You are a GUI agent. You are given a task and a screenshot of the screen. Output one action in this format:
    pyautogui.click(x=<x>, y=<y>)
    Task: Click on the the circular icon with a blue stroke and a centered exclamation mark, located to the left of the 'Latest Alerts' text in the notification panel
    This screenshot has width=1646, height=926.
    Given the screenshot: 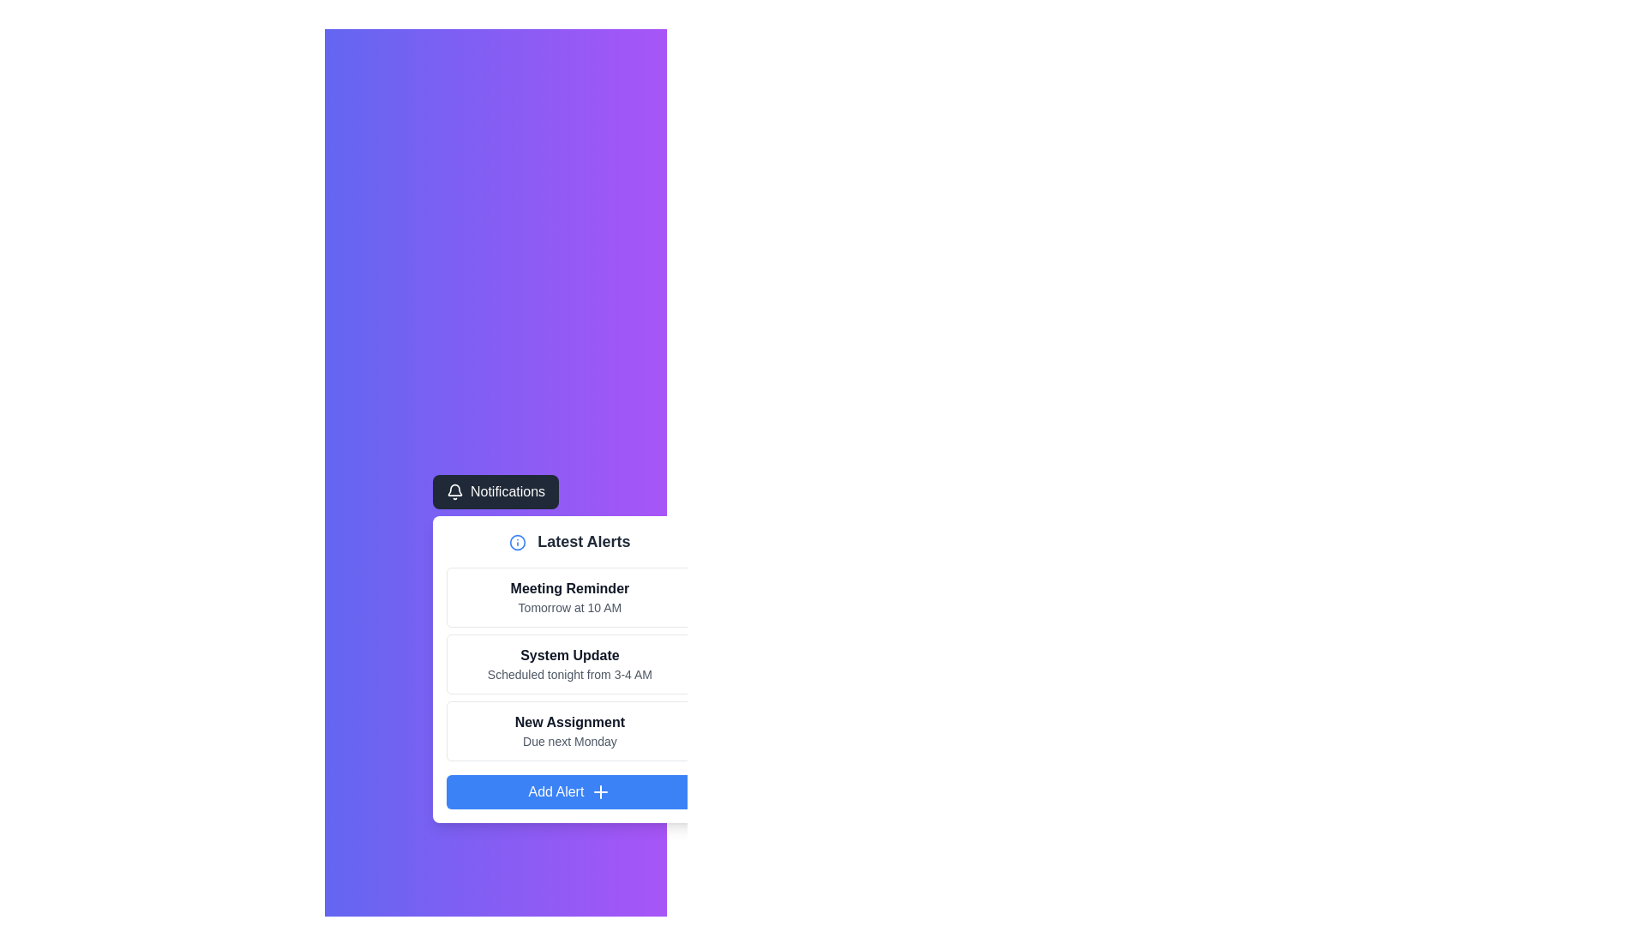 What is the action you would take?
    pyautogui.click(x=517, y=543)
    